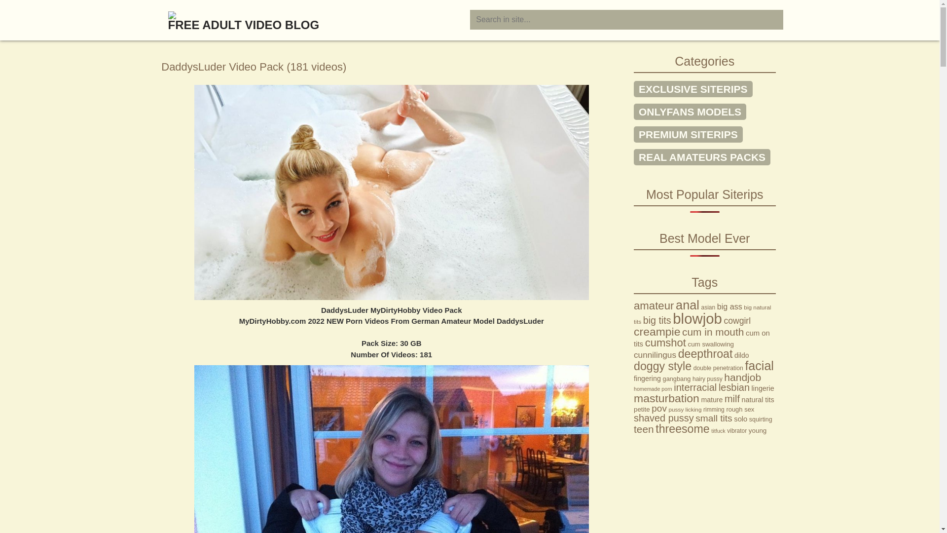 The width and height of the screenshot is (947, 533). What do you see at coordinates (757, 430) in the screenshot?
I see `'young'` at bounding box center [757, 430].